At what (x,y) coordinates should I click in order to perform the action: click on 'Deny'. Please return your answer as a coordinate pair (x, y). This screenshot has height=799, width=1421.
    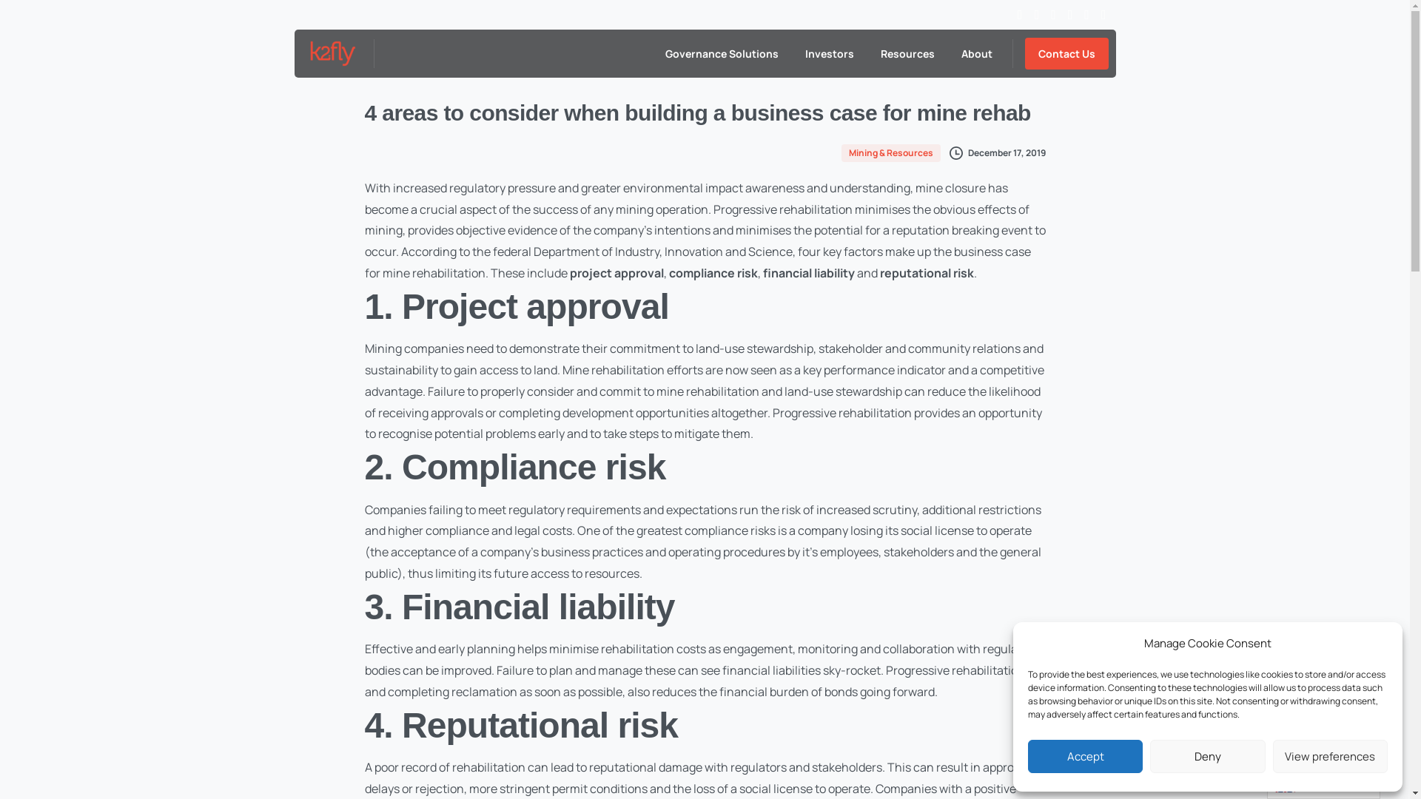
    Looking at the image, I should click on (1149, 756).